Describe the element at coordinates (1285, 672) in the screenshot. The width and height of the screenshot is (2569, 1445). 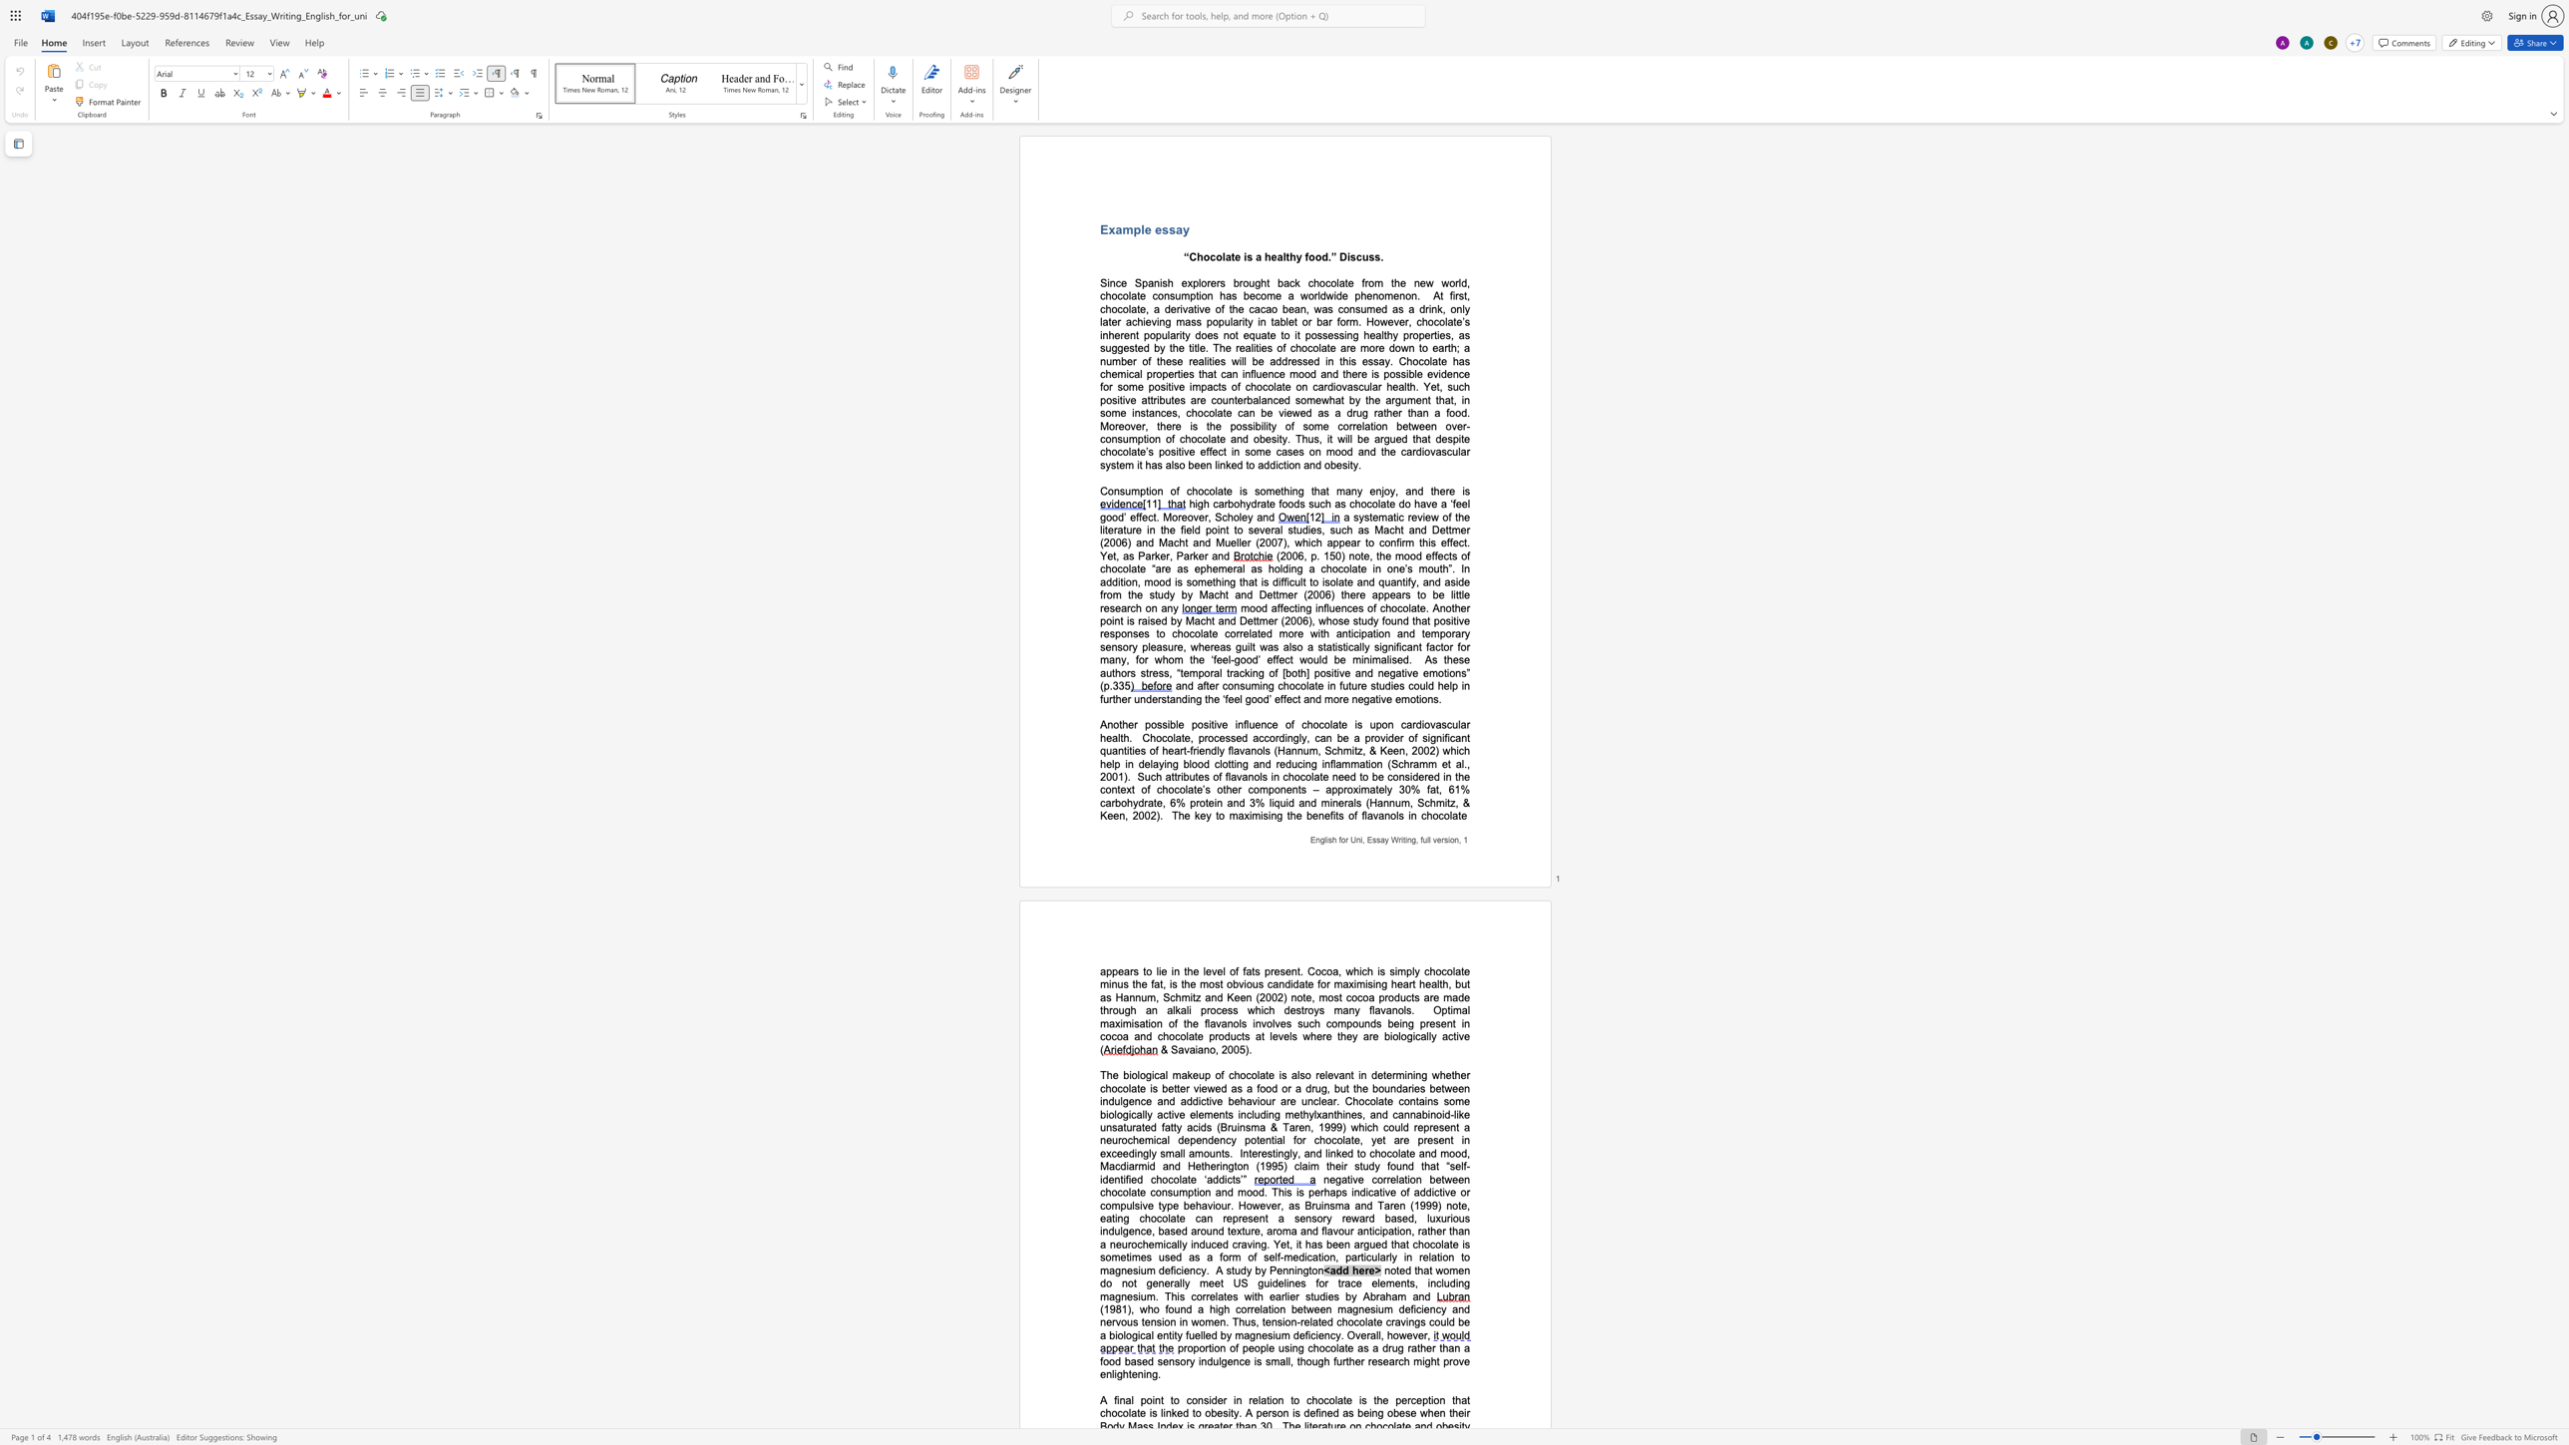
I see `the space between the continuous character "[" and "b" in the text` at that location.